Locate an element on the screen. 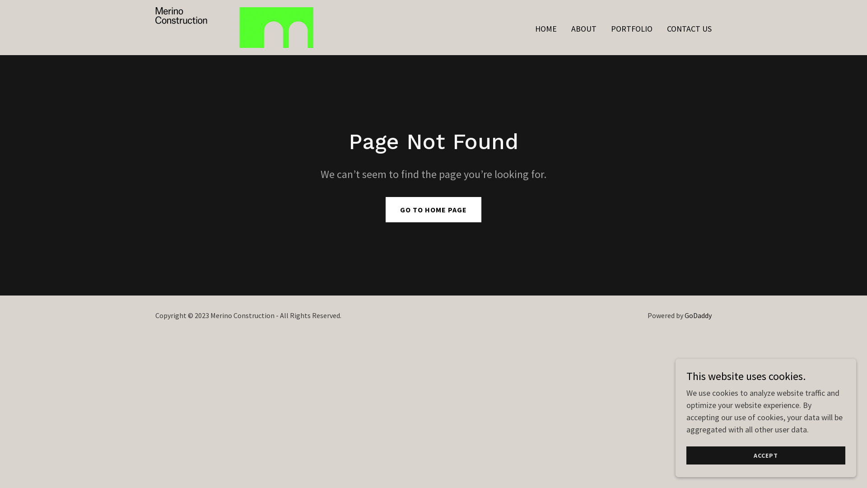 The image size is (867, 488). 'GO TO HOME PAGE' is located at coordinates (433, 209).